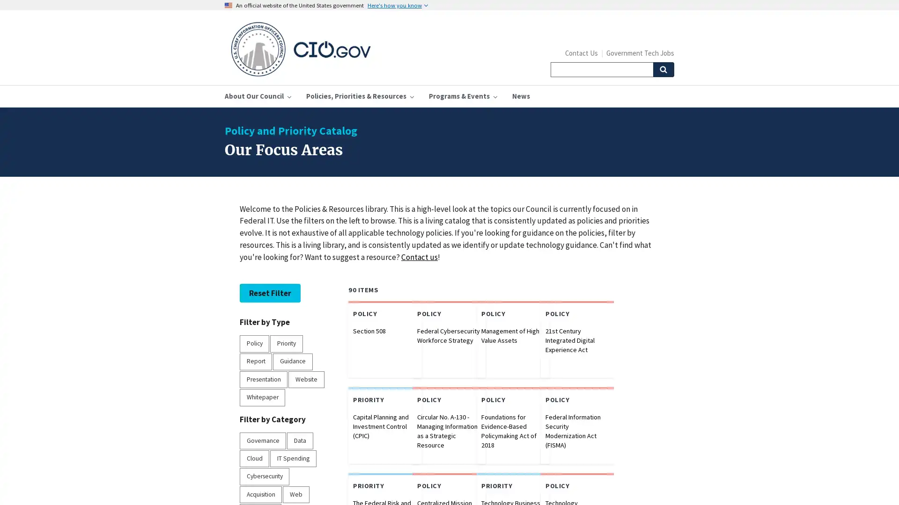 The width and height of the screenshot is (899, 505). I want to click on About Our Council, so click(258, 96).